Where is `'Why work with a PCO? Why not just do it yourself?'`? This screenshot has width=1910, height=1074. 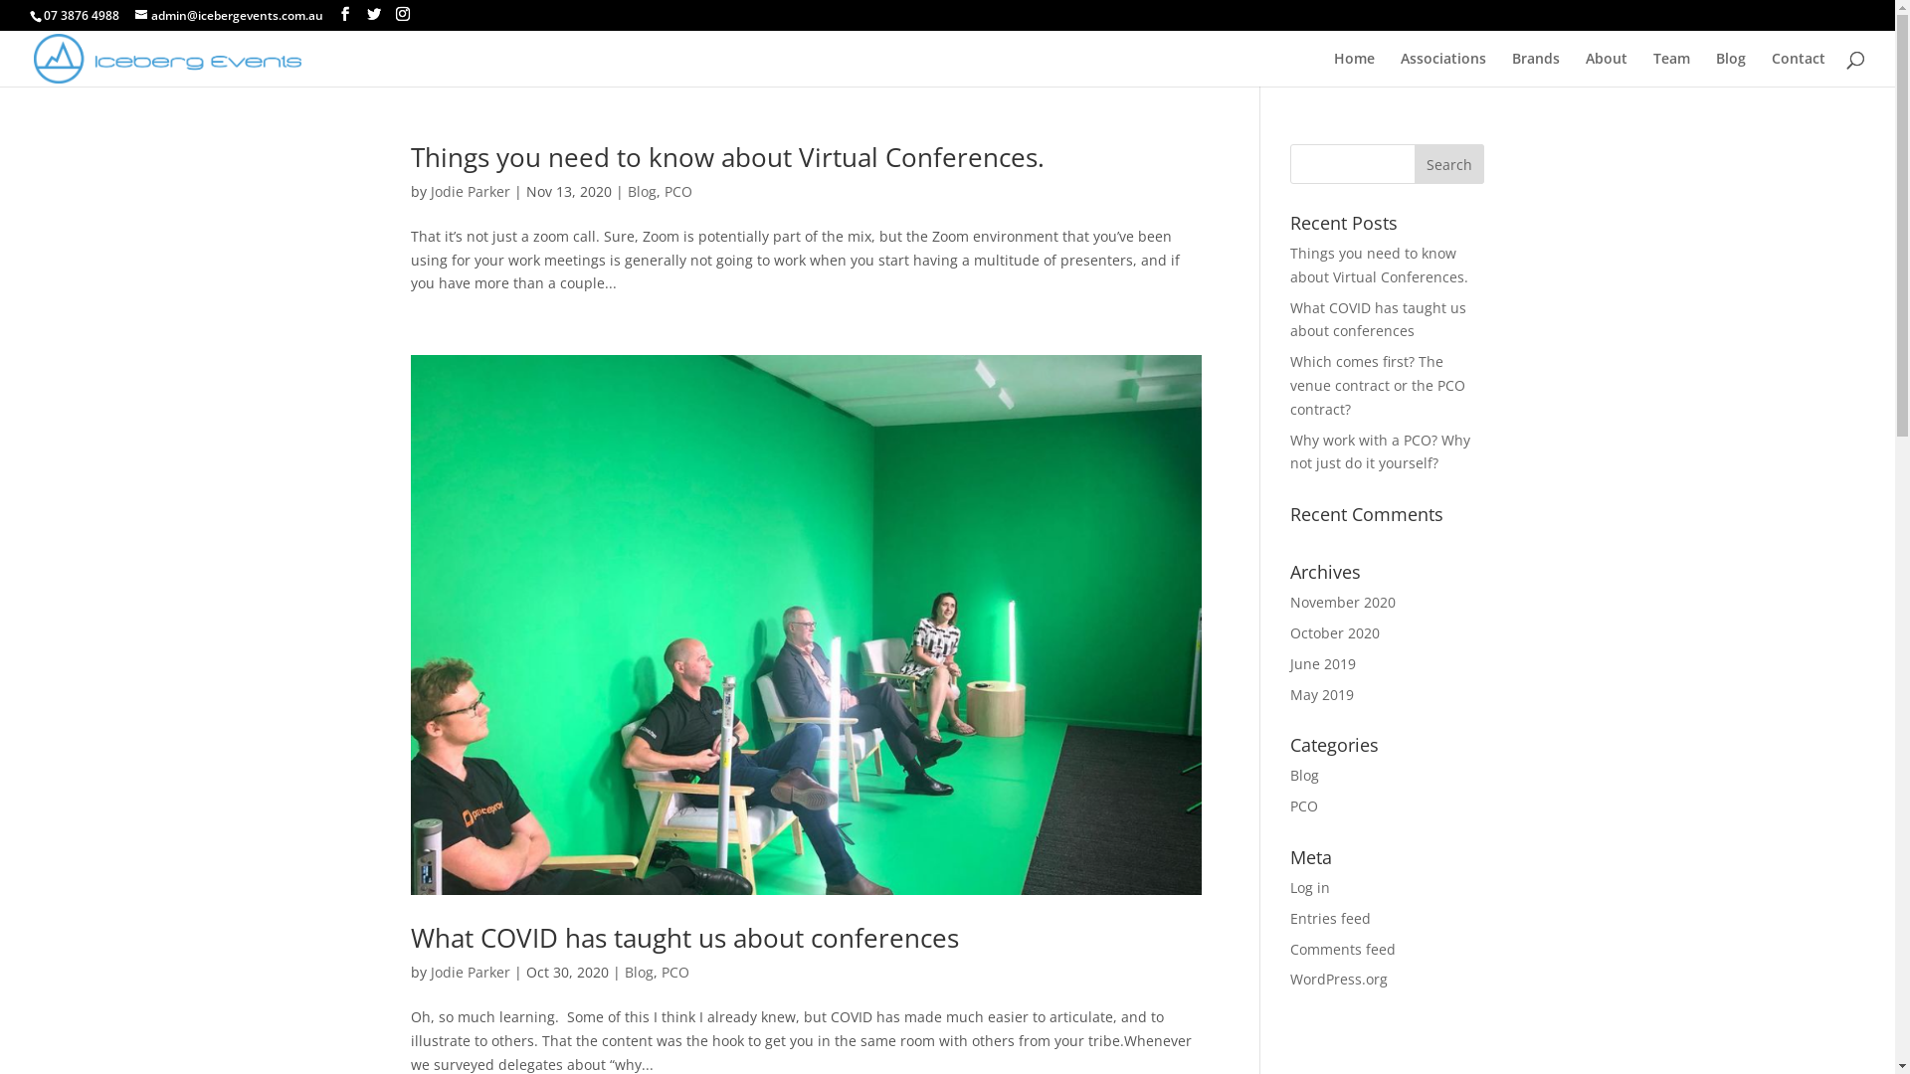
'Why work with a PCO? Why not just do it yourself?' is located at coordinates (1379, 451).